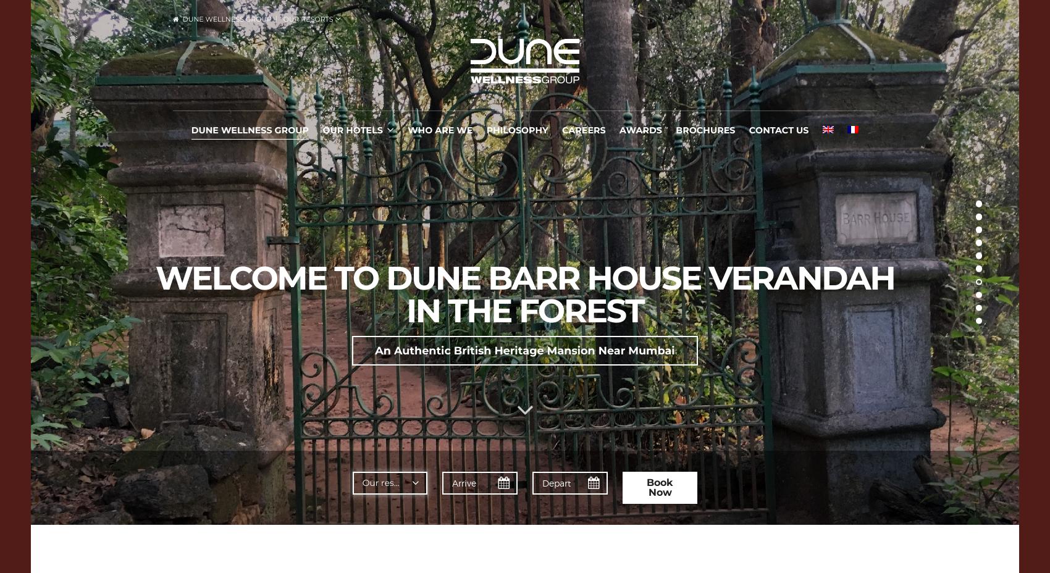  What do you see at coordinates (144, 435) in the screenshot?
I see `'A relocated 150 years old Kerala house in the middle of the plantation'` at bounding box center [144, 435].